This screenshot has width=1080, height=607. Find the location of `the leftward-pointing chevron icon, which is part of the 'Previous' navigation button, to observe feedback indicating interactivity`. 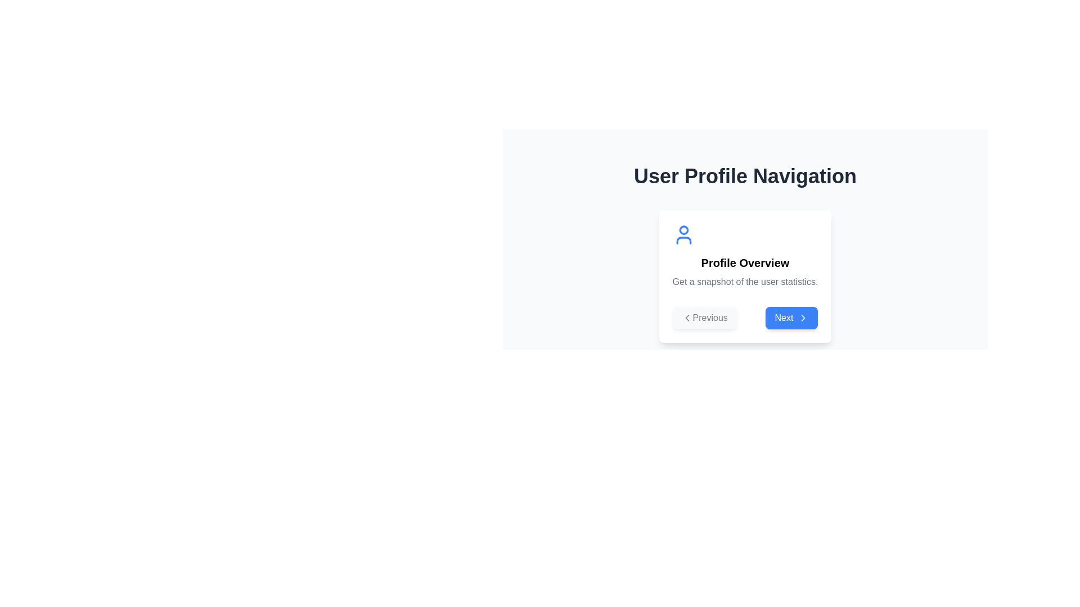

the leftward-pointing chevron icon, which is part of the 'Previous' navigation button, to observe feedback indicating interactivity is located at coordinates (686, 318).